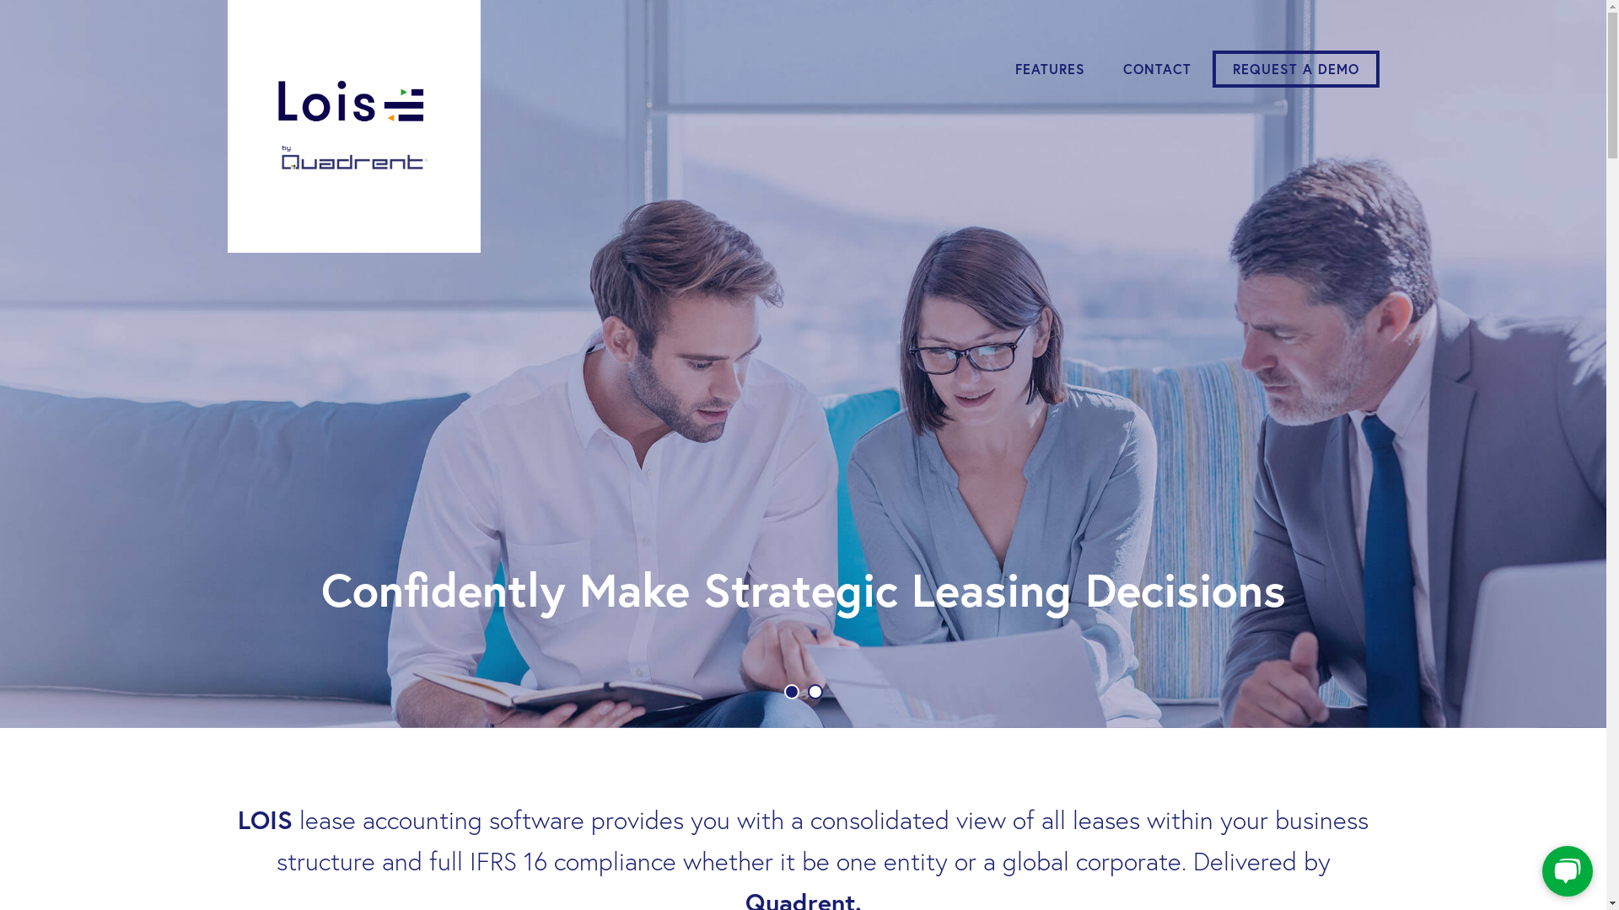 The width and height of the screenshot is (1619, 910). Describe the element at coordinates (998, 67) in the screenshot. I see `'FEATURES'` at that location.